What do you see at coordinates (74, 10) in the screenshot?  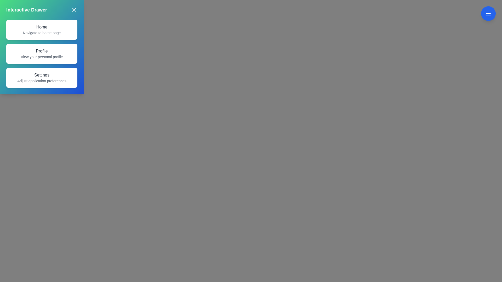 I see `the 'X' shaped icon button located in the top-right corner of the 'Interactive Drawer' section` at bounding box center [74, 10].